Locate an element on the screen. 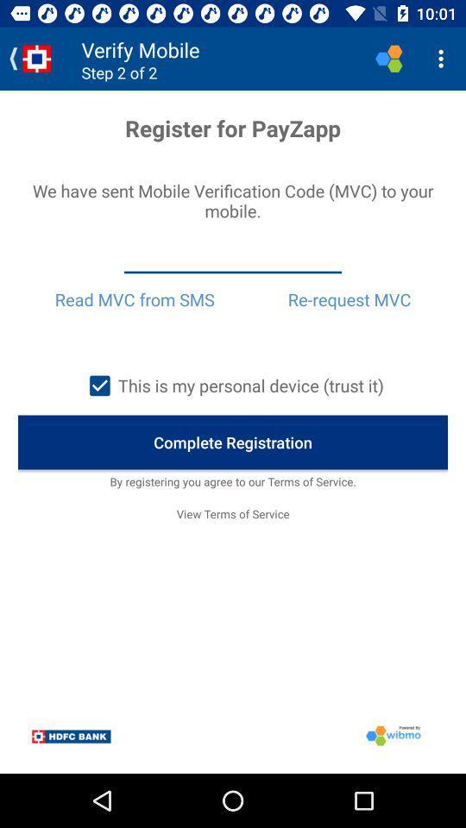  item above the this is my is located at coordinates (349, 299).